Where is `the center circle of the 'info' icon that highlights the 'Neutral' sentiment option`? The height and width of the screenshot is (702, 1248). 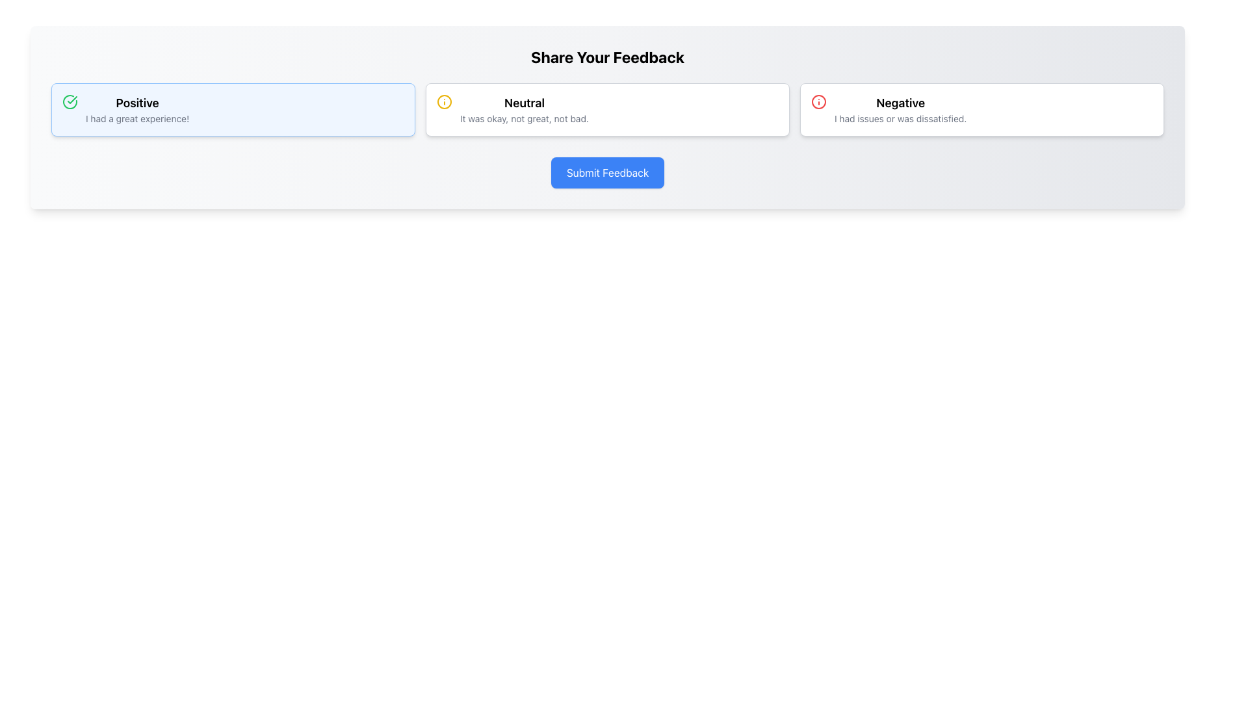
the center circle of the 'info' icon that highlights the 'Neutral' sentiment option is located at coordinates (445, 101).